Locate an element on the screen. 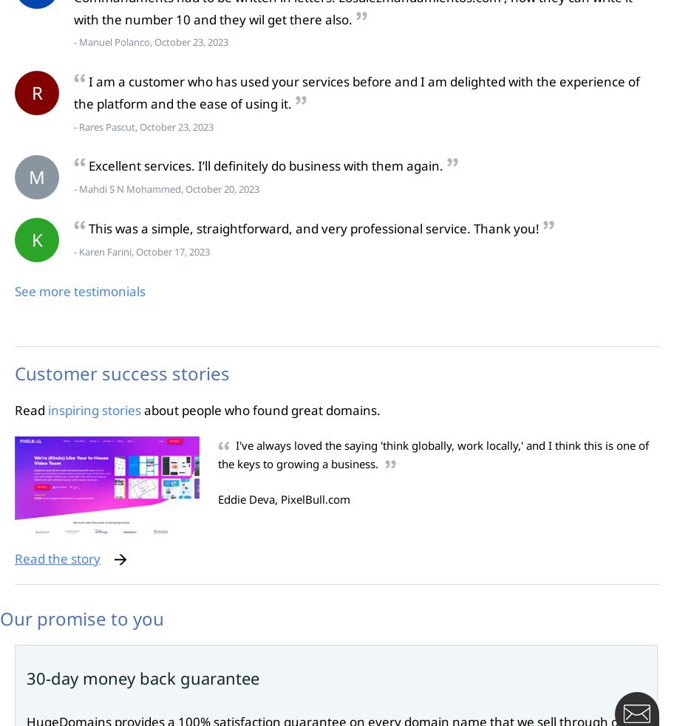  'I am a customer who has used your services before and I am delighted with the experience of the platform and the ease of using it.' is located at coordinates (356, 92).